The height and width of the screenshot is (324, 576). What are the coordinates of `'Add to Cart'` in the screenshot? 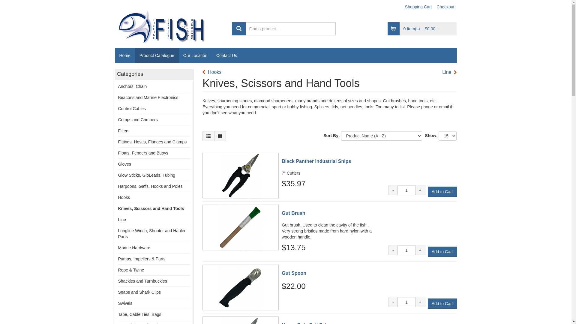 It's located at (442, 192).